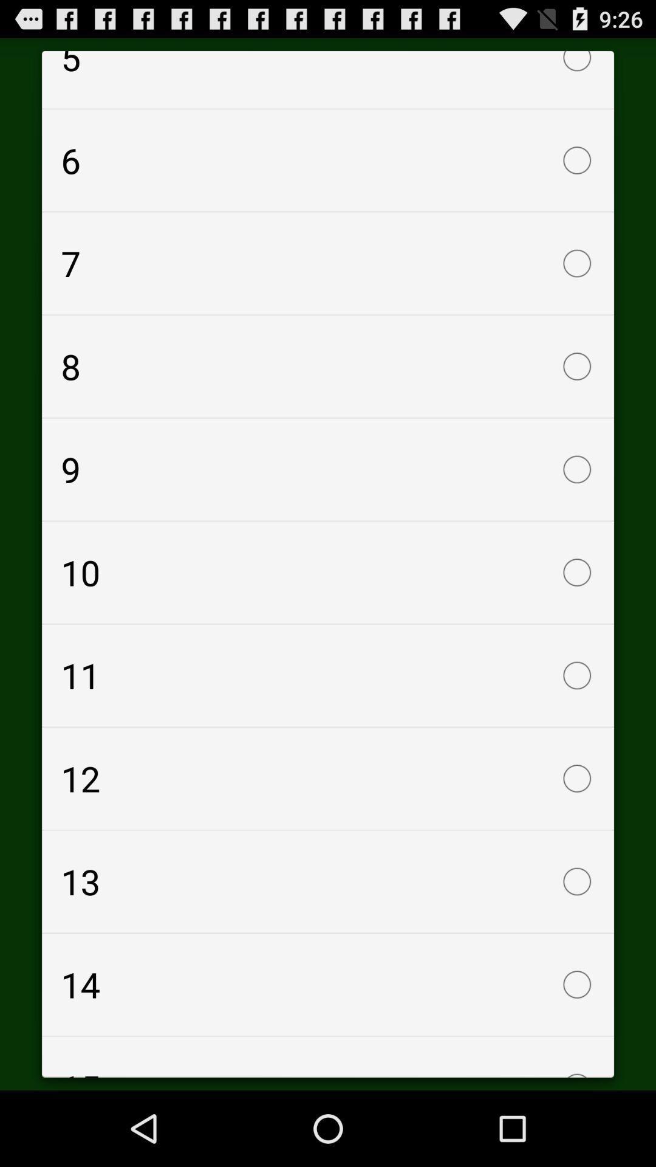 Image resolution: width=656 pixels, height=1167 pixels. Describe the element at coordinates (328, 779) in the screenshot. I see `12` at that location.